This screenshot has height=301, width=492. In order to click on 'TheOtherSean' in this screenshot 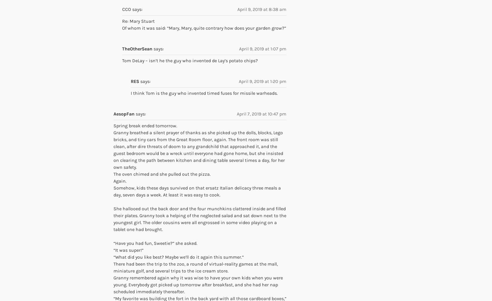, I will do `click(137, 48)`.